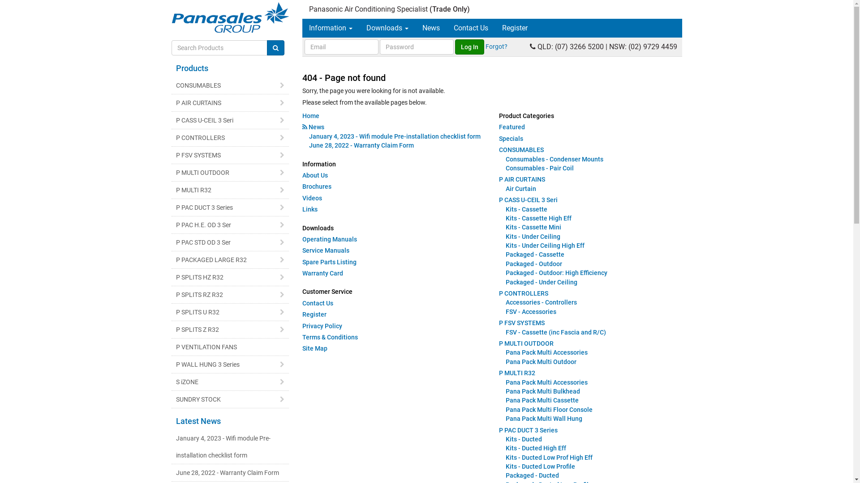 The width and height of the screenshot is (860, 483). I want to click on 'Kits - Ducted Low Prof High Eff', so click(548, 457).